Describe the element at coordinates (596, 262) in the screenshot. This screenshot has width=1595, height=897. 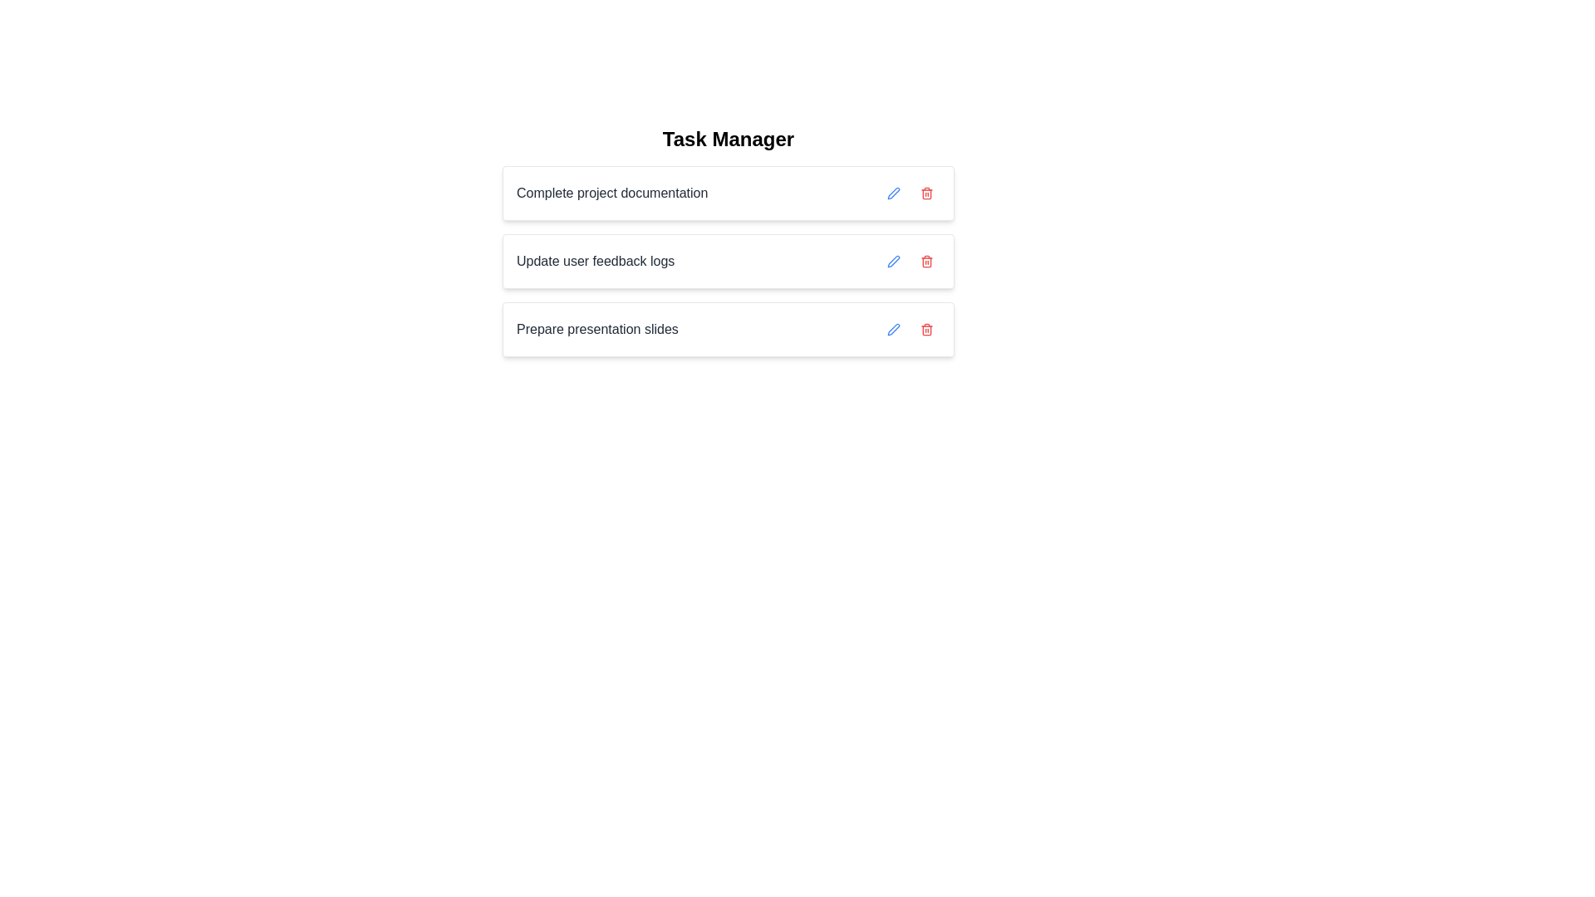
I see `the static text label displaying the title or description of the task located between 'Complete project documentation' and 'Prepare presentation slides' in the current task list` at that location.